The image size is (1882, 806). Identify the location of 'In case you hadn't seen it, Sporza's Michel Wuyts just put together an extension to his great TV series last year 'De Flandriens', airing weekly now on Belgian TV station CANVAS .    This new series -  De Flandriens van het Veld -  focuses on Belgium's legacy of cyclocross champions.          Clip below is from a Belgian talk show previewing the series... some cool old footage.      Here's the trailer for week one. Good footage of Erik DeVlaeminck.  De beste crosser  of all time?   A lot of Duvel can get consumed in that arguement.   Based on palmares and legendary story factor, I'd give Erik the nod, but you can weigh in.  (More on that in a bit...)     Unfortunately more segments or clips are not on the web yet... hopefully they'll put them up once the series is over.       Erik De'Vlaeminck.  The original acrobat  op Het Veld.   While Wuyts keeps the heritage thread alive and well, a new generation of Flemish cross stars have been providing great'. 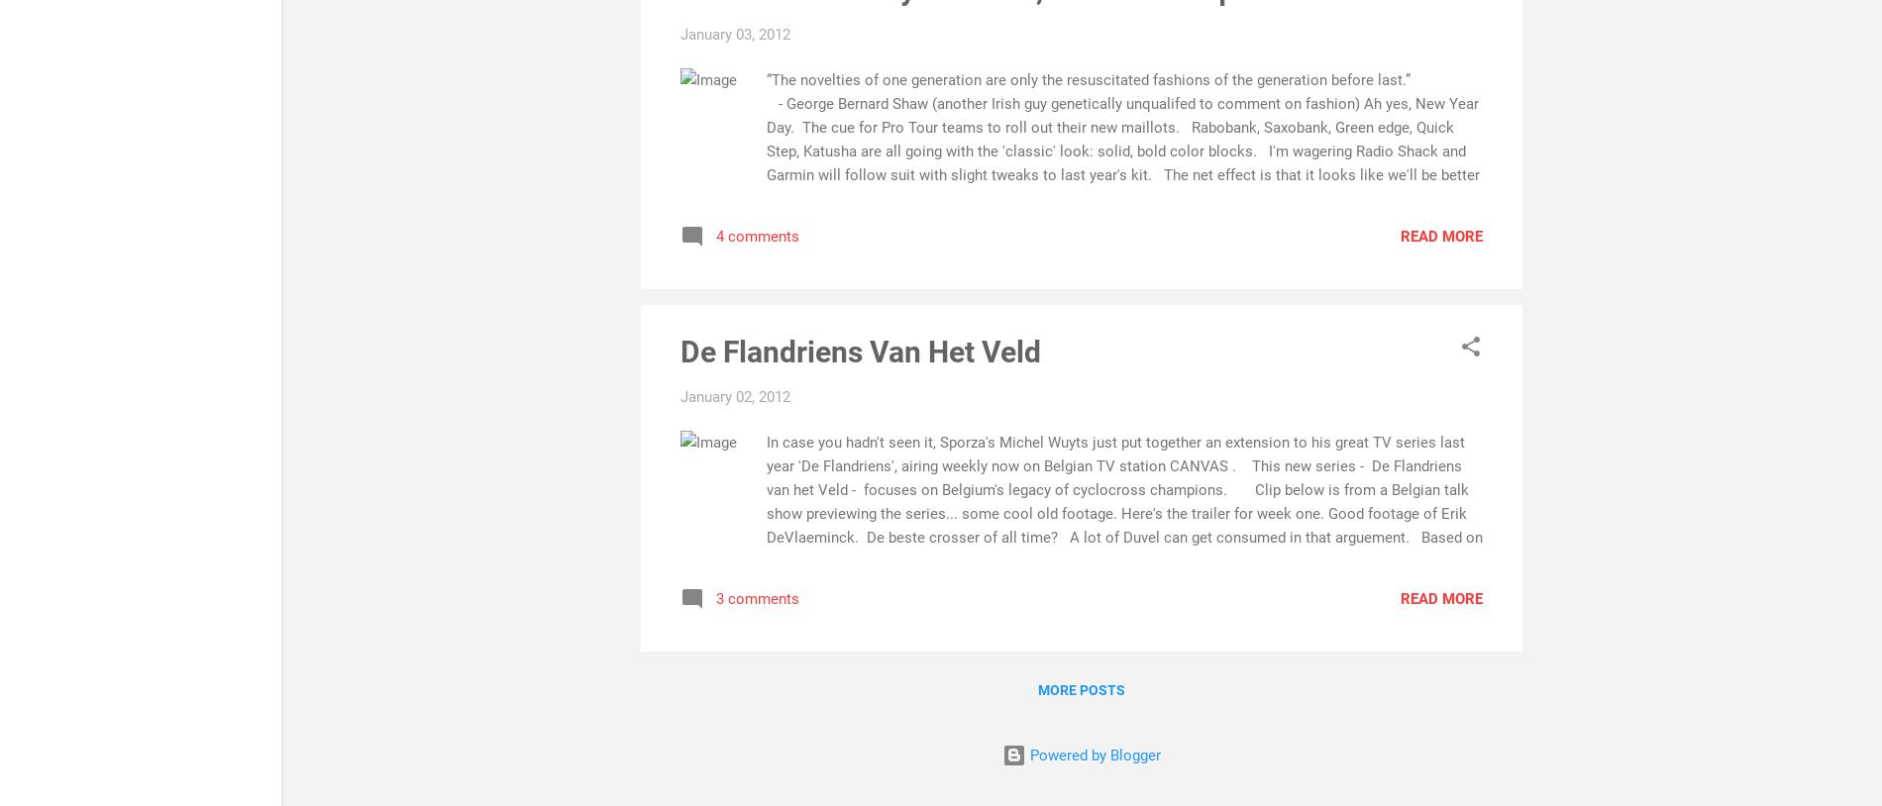
(1124, 537).